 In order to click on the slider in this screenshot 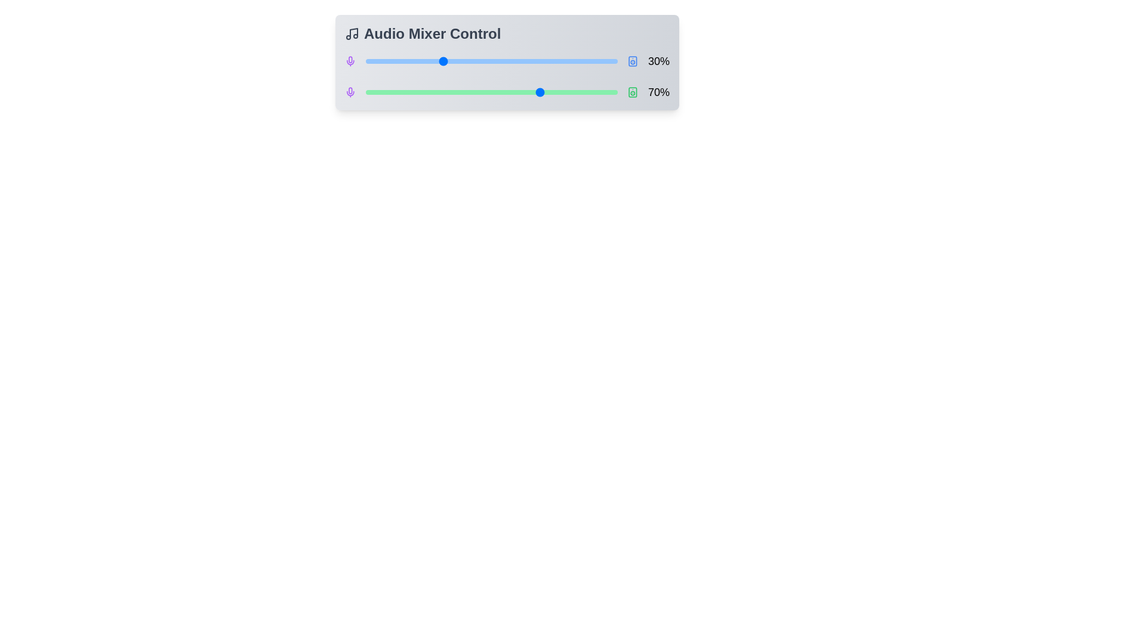, I will do `click(499, 61)`.